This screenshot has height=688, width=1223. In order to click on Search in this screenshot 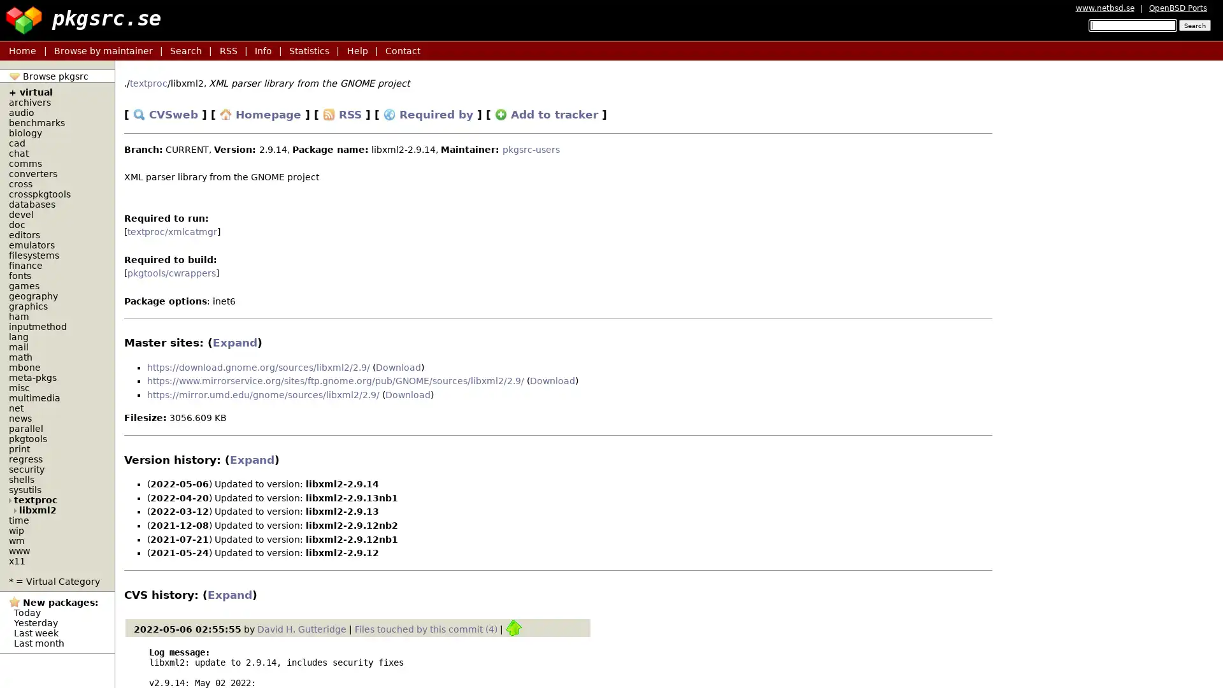, I will do `click(1194, 25)`.